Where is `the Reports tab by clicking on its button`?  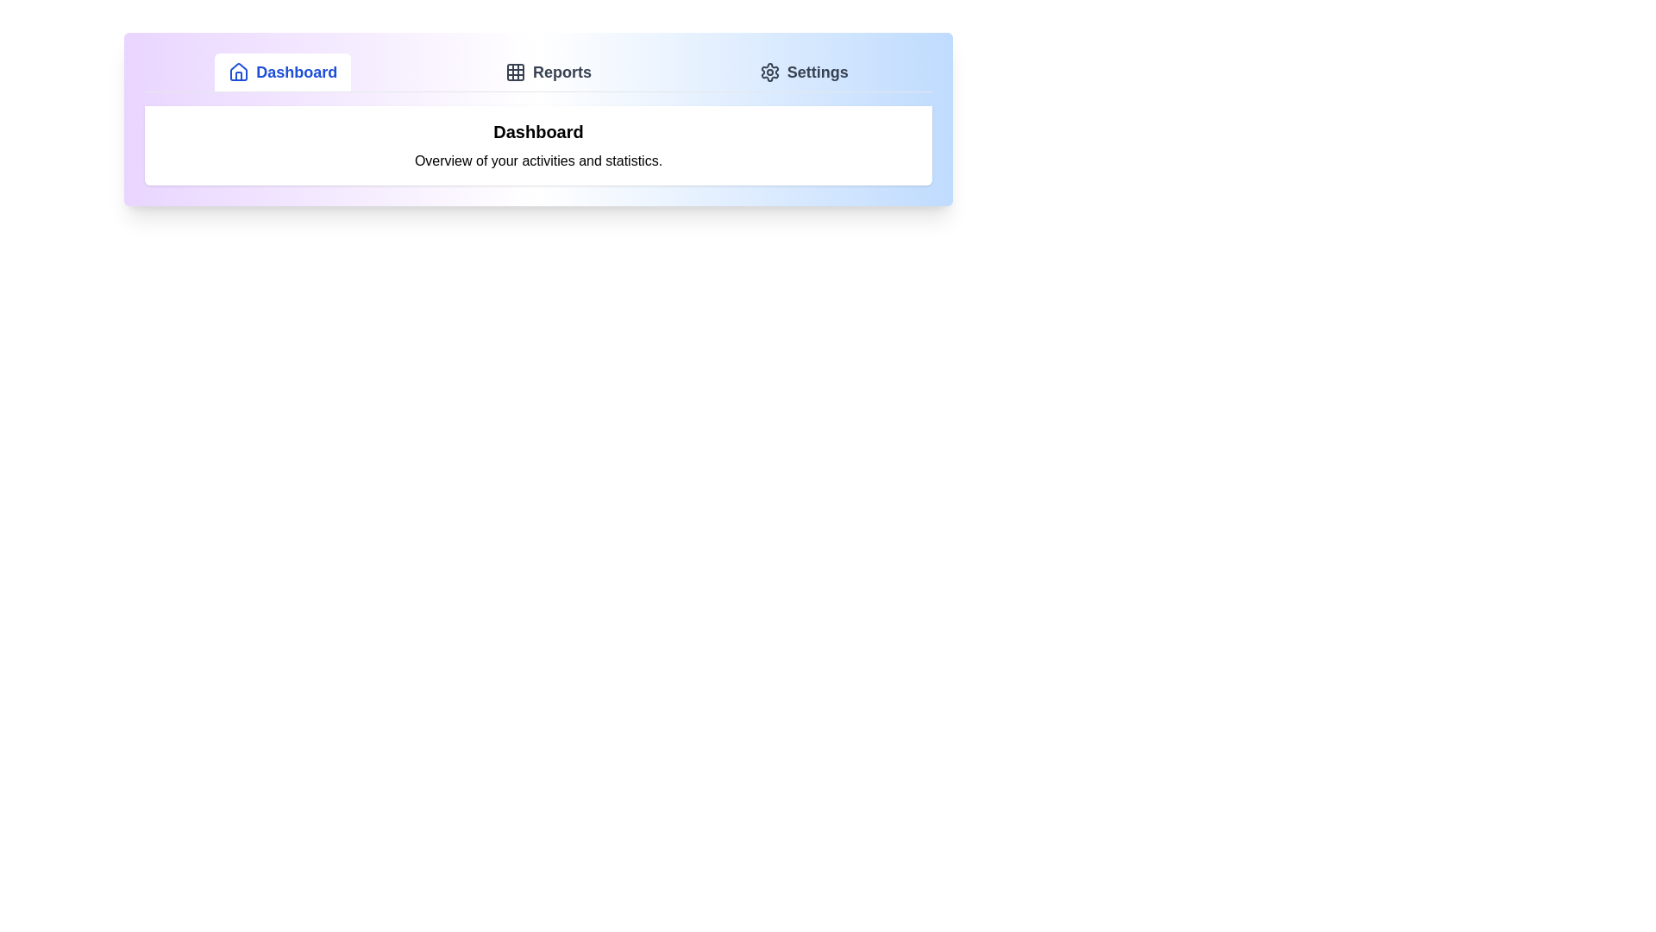
the Reports tab by clicking on its button is located at coordinates (547, 72).